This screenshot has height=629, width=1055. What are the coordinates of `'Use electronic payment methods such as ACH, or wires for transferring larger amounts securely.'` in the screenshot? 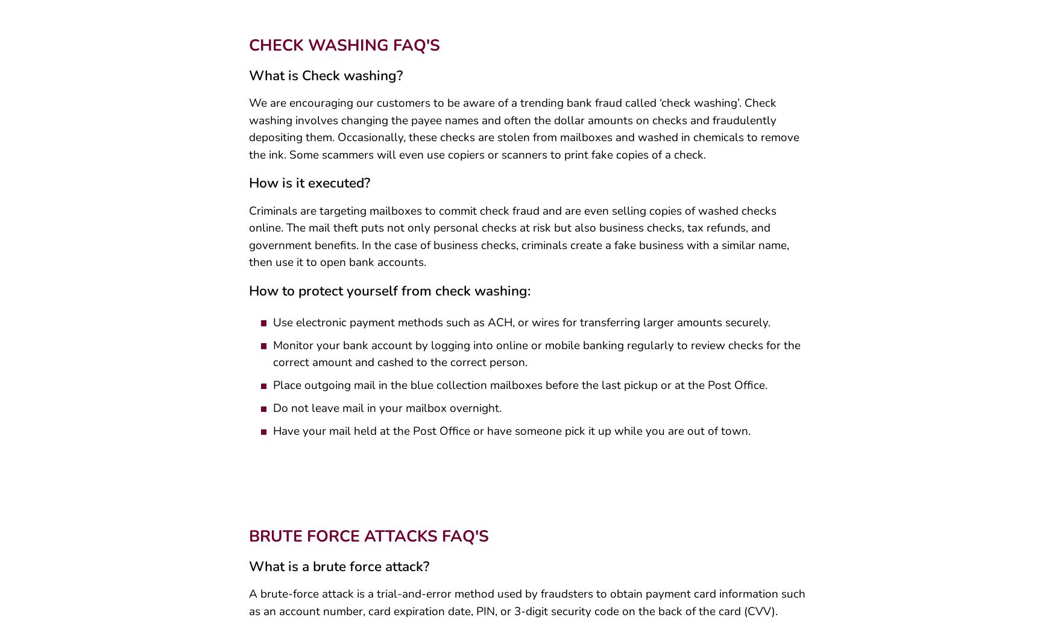 It's located at (272, 327).